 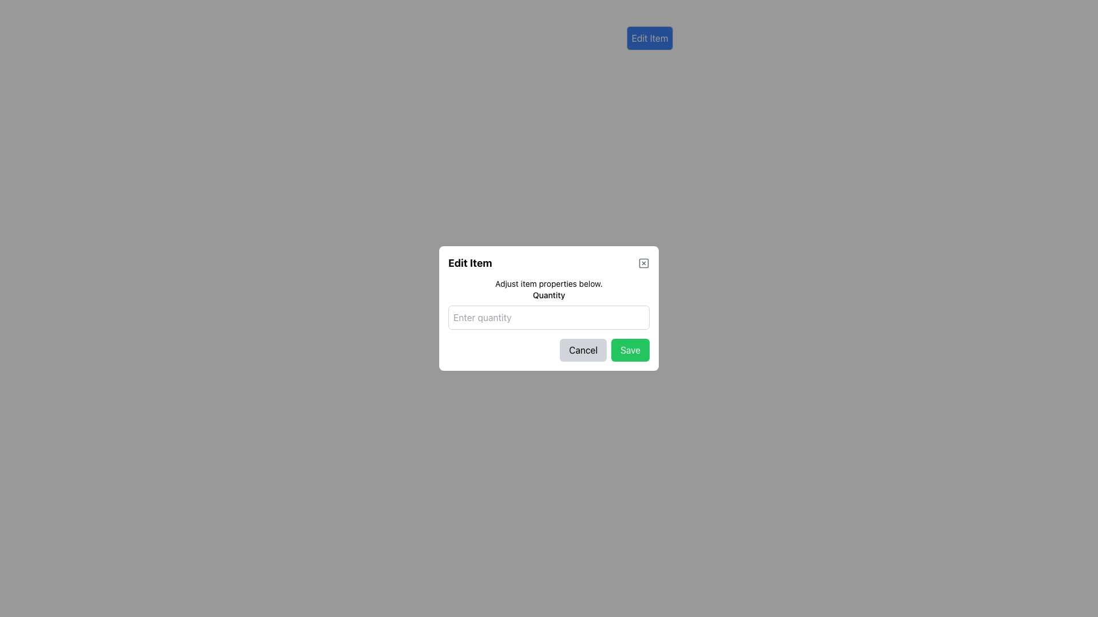 I want to click on the 'Edit Item' static text label, which is styled in bold font and located at the top-left corner of a modal window, so click(x=470, y=263).